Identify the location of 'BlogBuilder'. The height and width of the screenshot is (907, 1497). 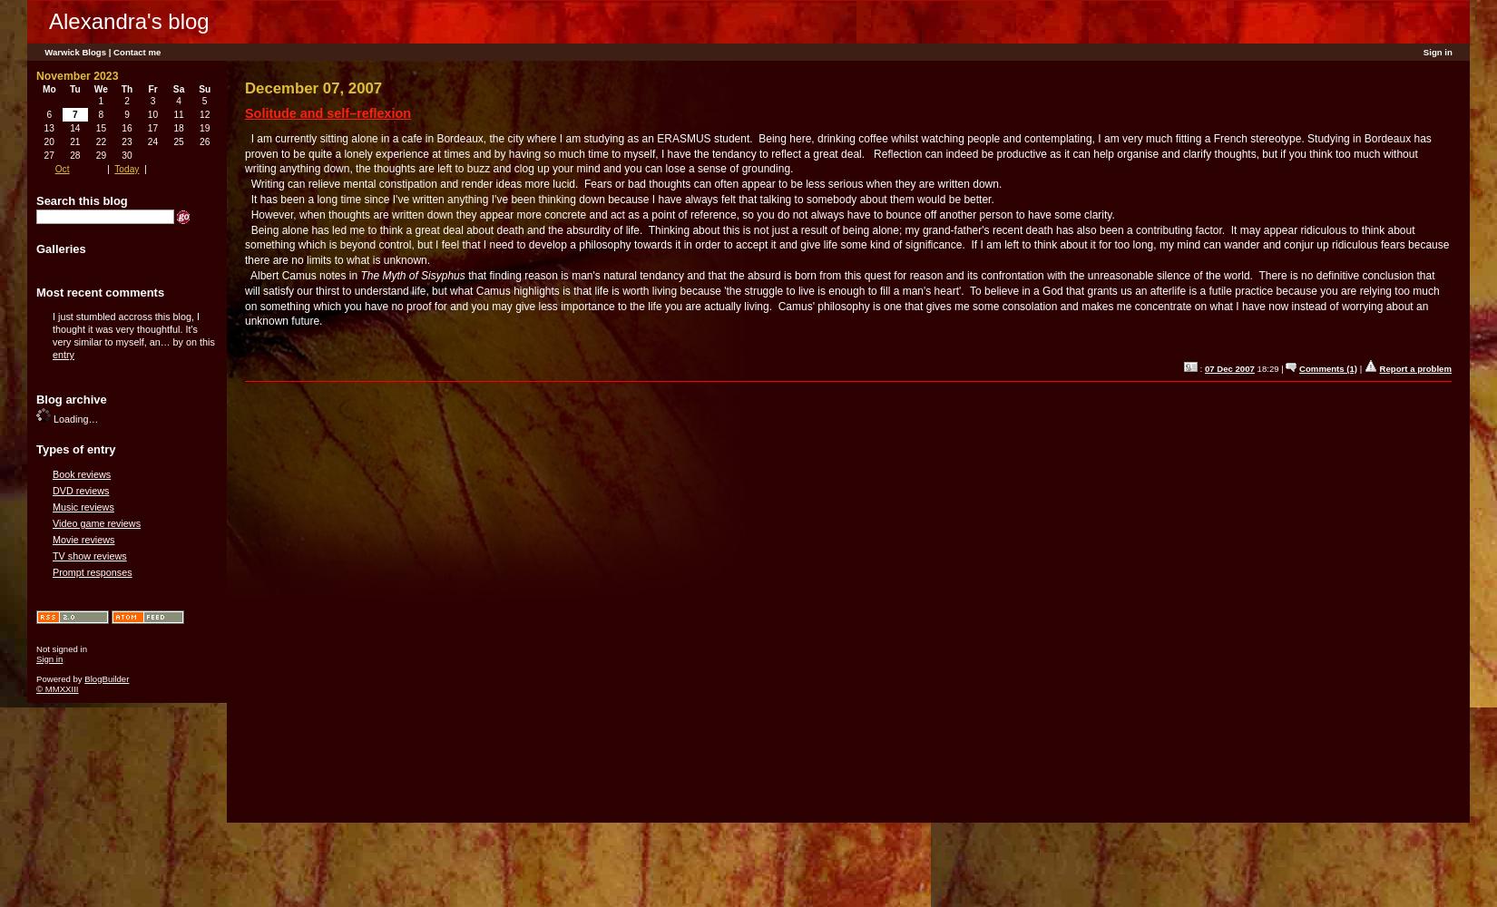
(106, 677).